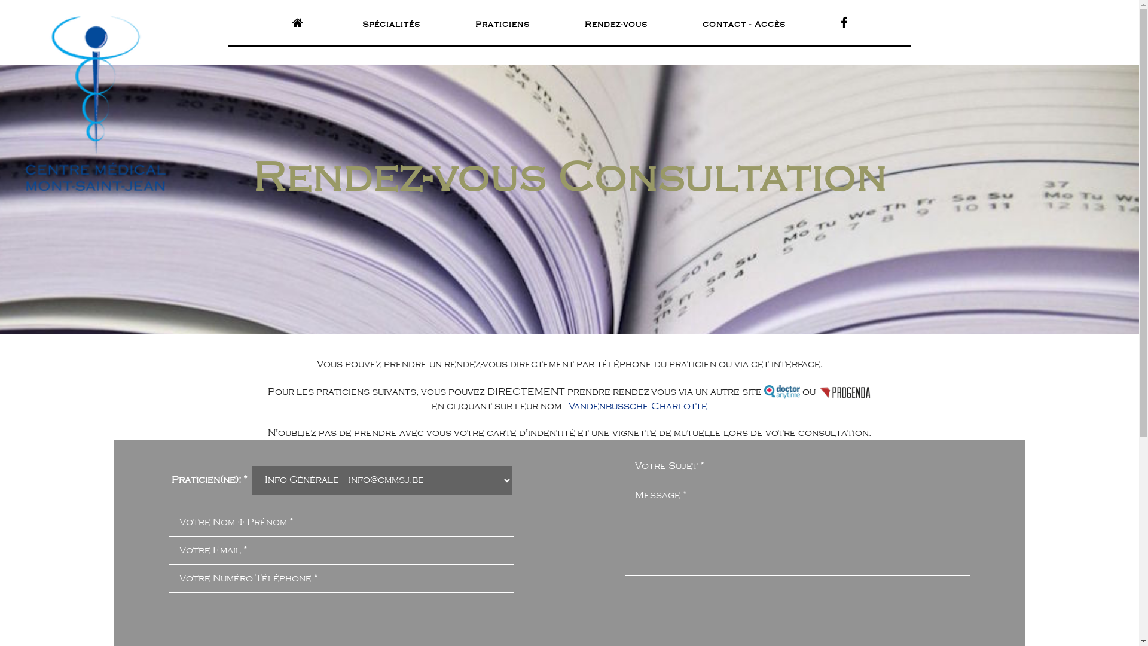 Image resolution: width=1148 pixels, height=646 pixels. I want to click on 'Vandenbussche Charlotte', so click(637, 405).